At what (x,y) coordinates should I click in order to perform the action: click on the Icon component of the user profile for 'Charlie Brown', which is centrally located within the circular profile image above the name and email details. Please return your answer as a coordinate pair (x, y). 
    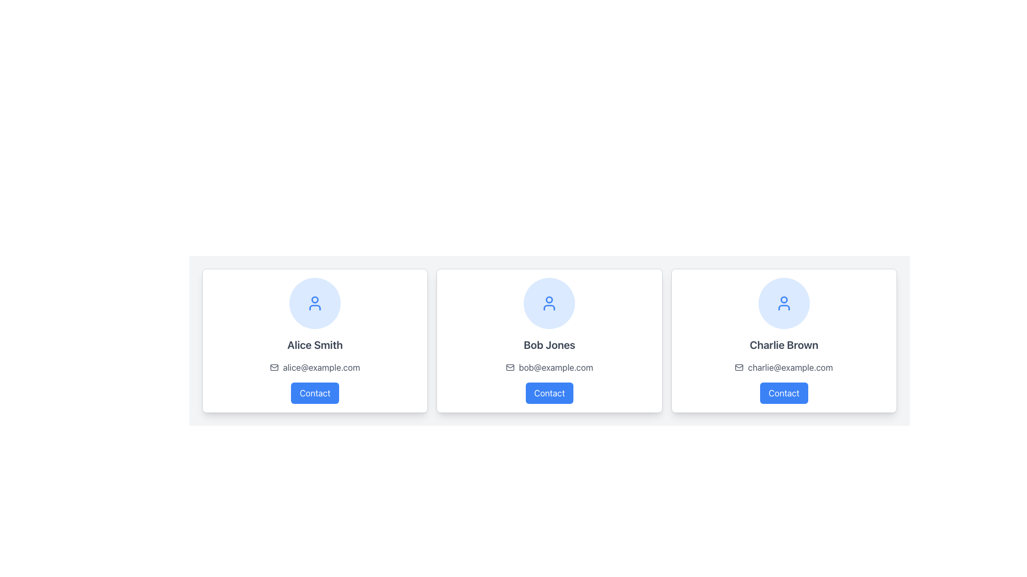
    Looking at the image, I should click on (784, 300).